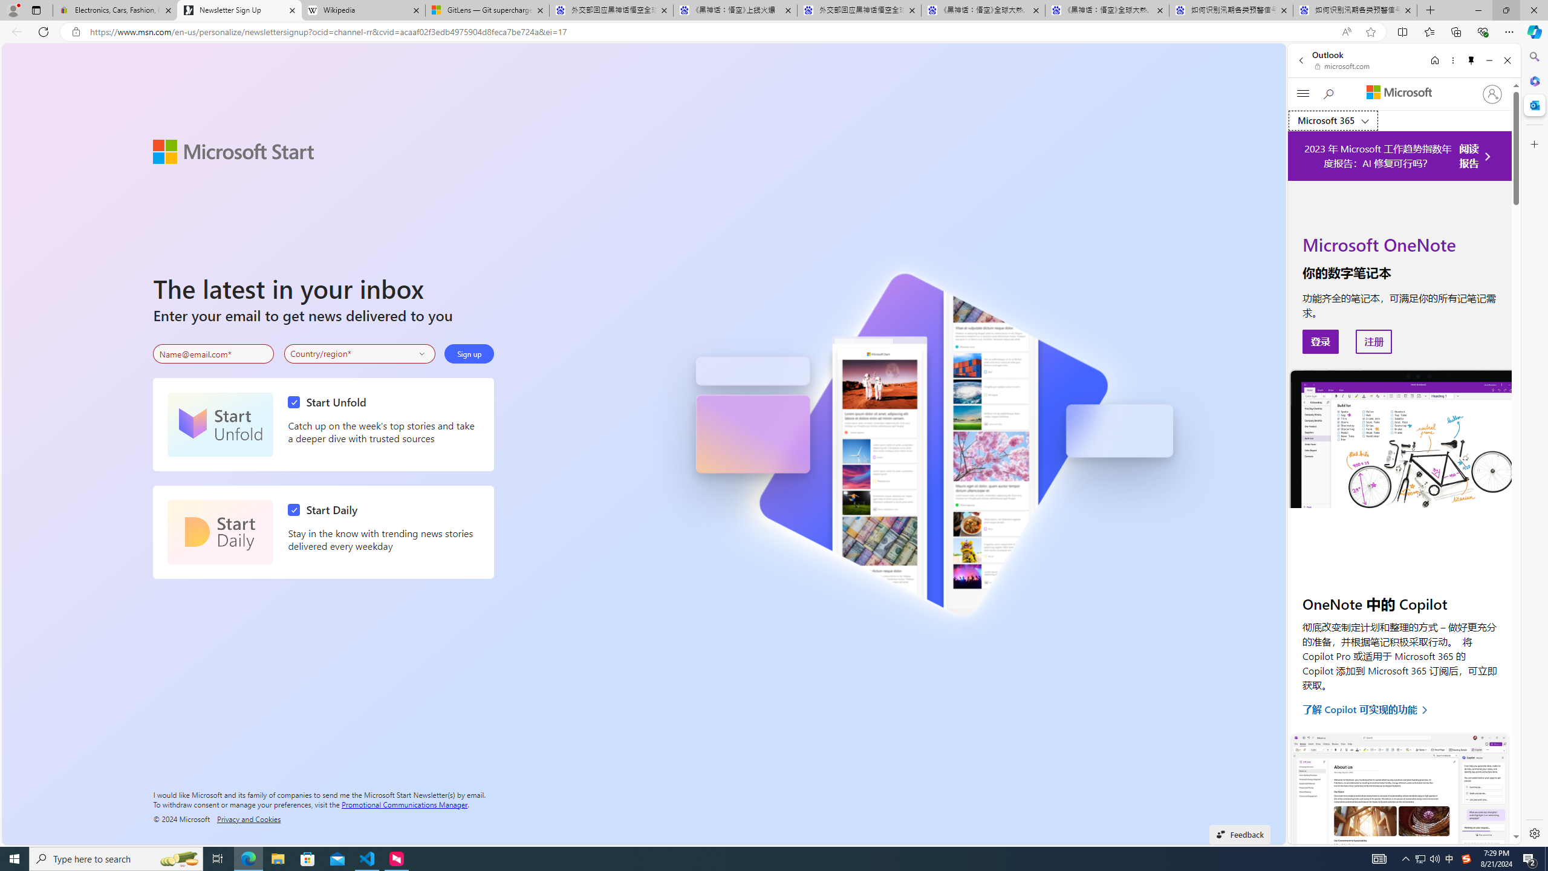 This screenshot has width=1548, height=871. I want to click on 'Microsoft', so click(1399, 93).